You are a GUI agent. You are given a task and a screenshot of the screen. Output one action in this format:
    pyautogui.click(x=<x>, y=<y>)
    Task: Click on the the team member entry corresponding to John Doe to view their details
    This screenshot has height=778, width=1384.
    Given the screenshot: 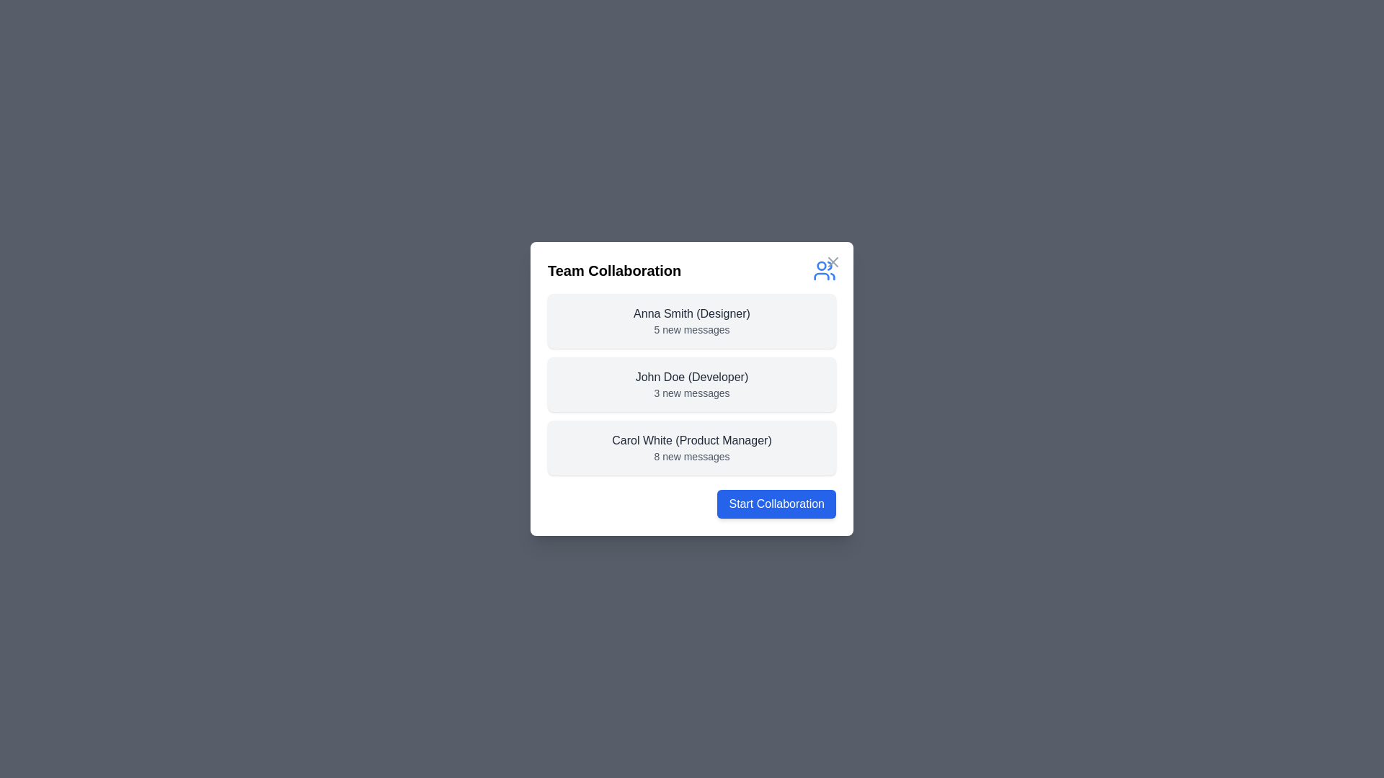 What is the action you would take?
    pyautogui.click(x=692, y=383)
    